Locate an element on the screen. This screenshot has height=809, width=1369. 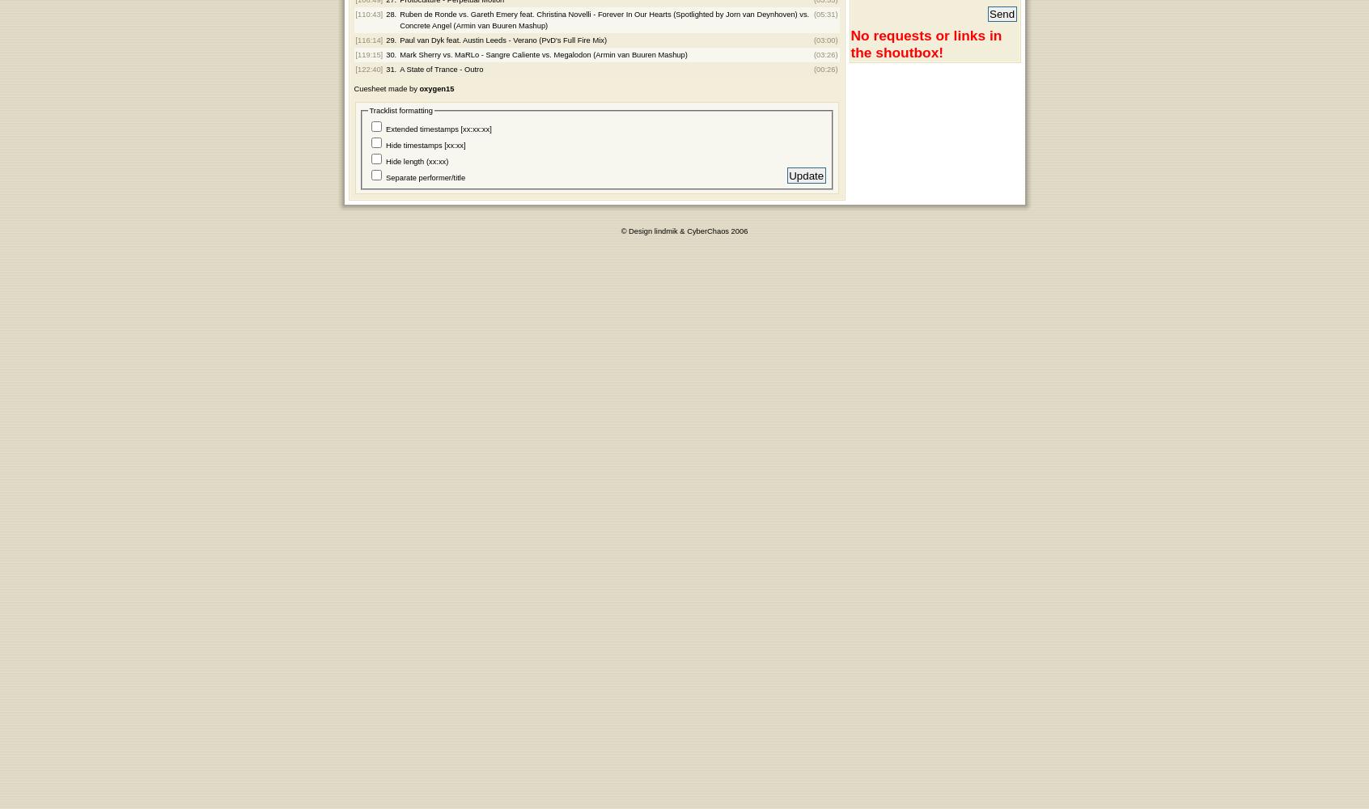
'Extended timestamps [xx:xx:xx]' is located at coordinates (384, 129).